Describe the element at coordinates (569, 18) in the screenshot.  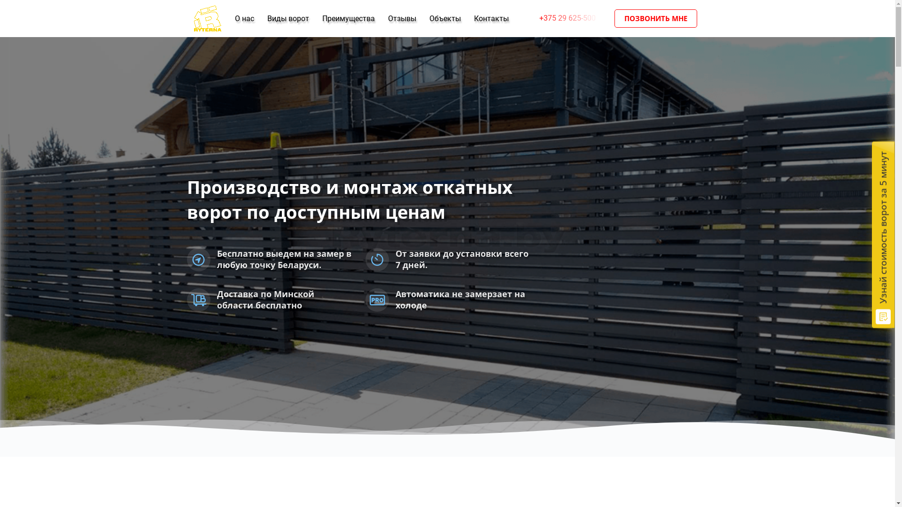
I see `'+375 29 625-500'` at that location.